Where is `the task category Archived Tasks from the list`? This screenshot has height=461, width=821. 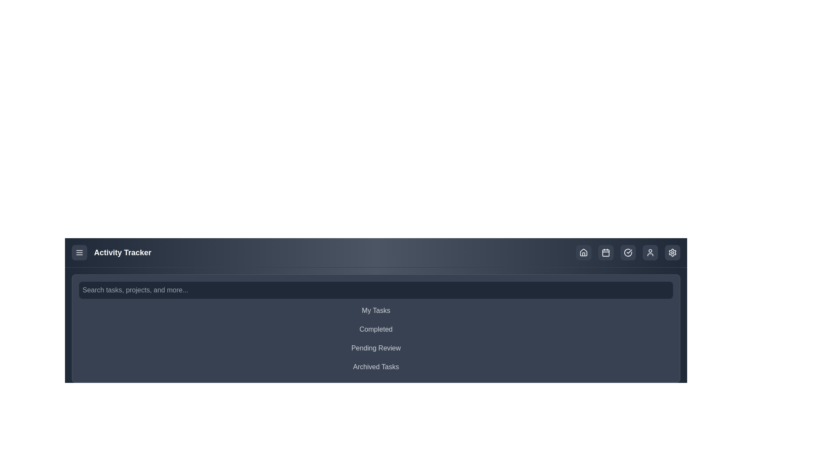 the task category Archived Tasks from the list is located at coordinates (376, 367).